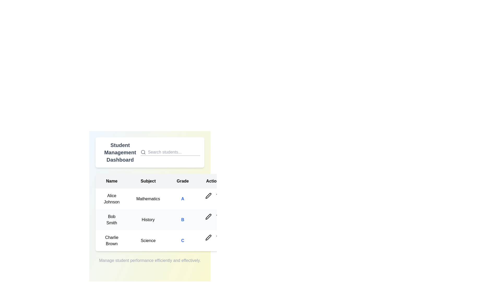 The width and height of the screenshot is (501, 282). Describe the element at coordinates (183, 240) in the screenshot. I see `the grade 'C' label for the student 'Charlie Brown' in the 'Science' subject located in the 'Grade' column of the data table` at that location.